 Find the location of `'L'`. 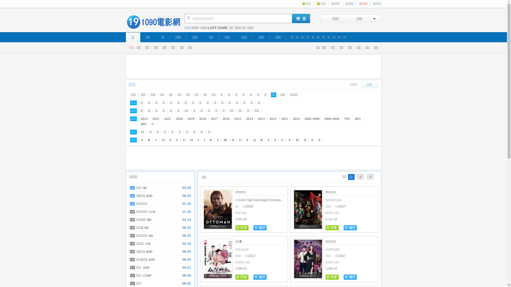

'L' is located at coordinates (218, 140).